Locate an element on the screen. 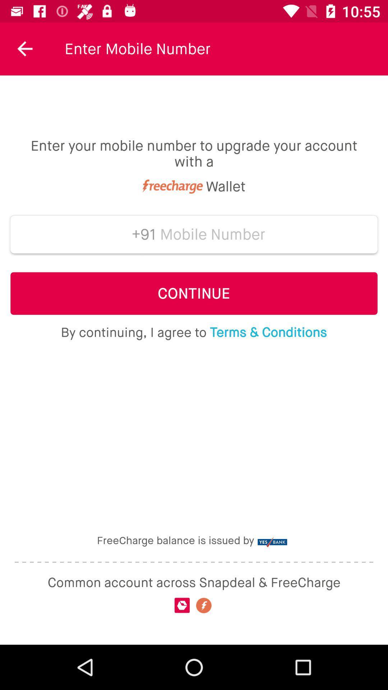  the left arrow is located at coordinates (24, 48).